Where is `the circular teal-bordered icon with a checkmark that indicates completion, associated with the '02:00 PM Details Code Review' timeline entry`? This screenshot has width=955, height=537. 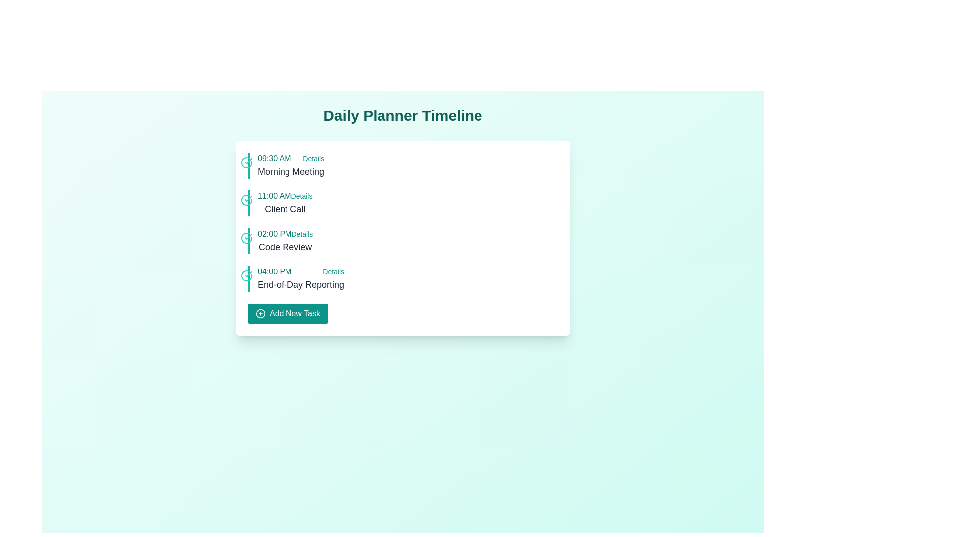
the circular teal-bordered icon with a checkmark that indicates completion, associated with the '02:00 PM Details Code Review' timeline entry is located at coordinates (246, 238).